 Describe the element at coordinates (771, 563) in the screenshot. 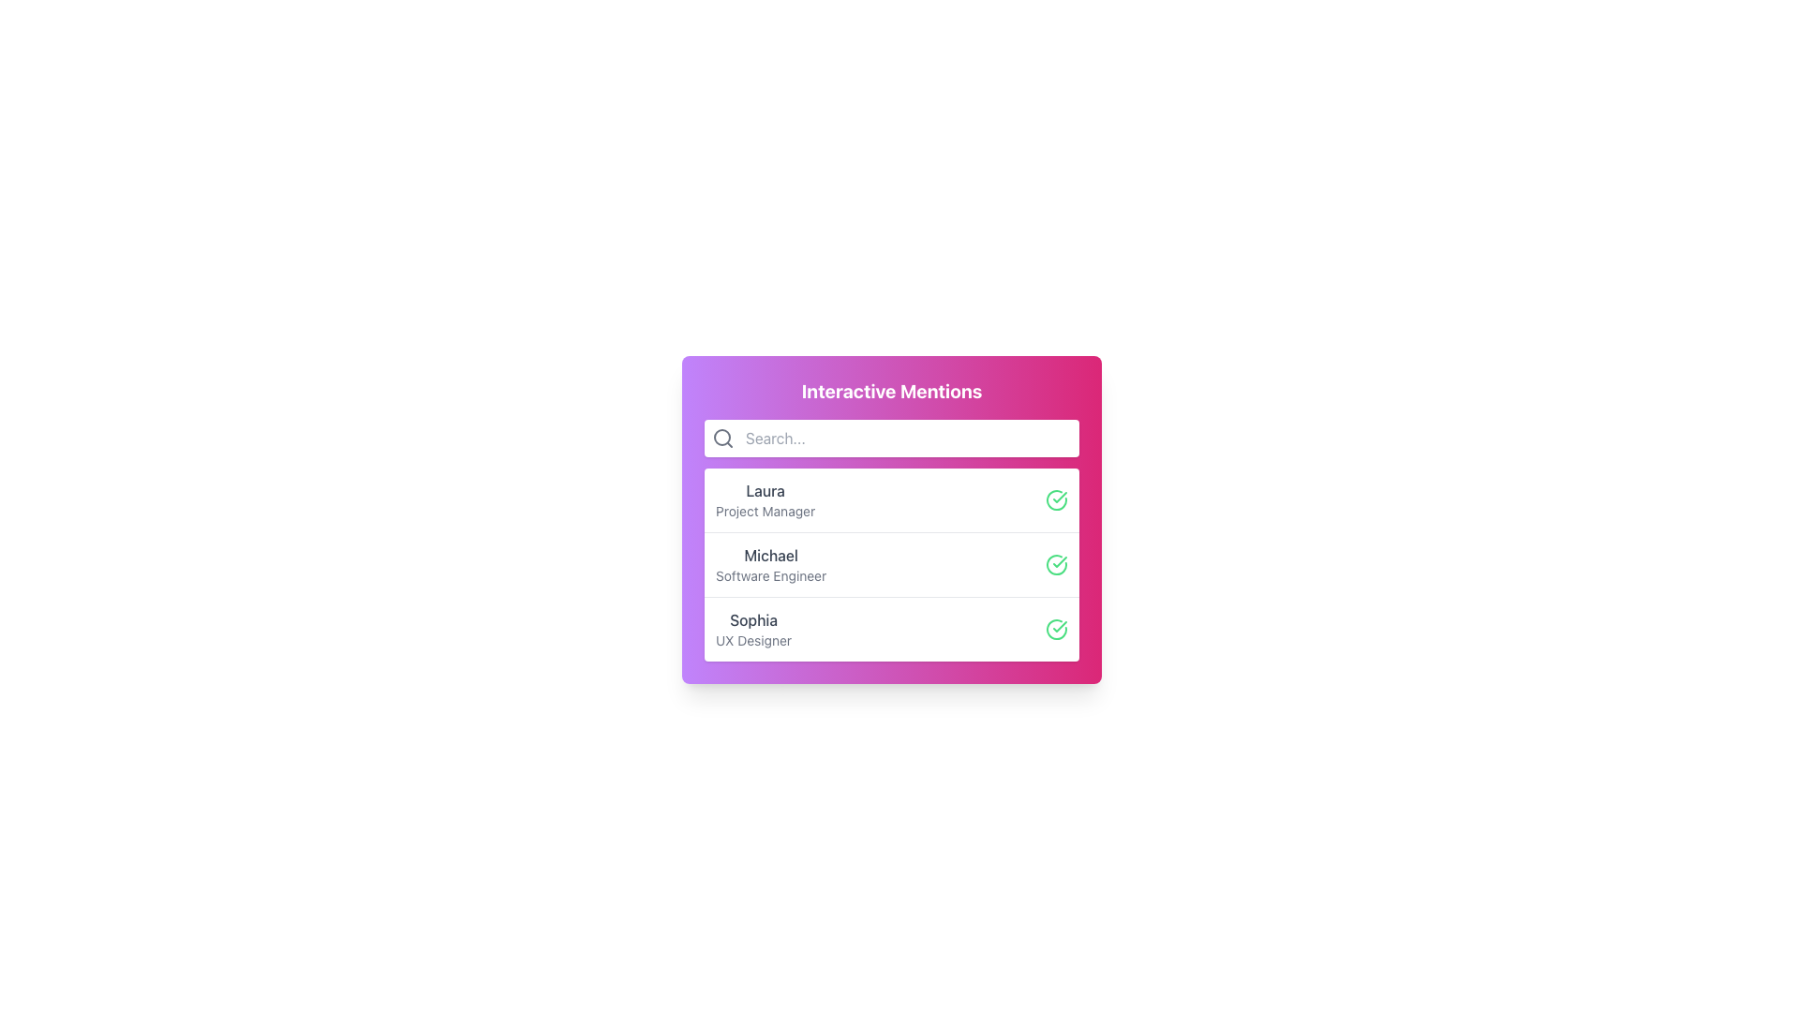

I see `the Text display block that conveys the name and job title of 'Michael', located below 'Laura, Project Manager' and above 'Sophia, UX Designer' in a vertically stacked list` at that location.